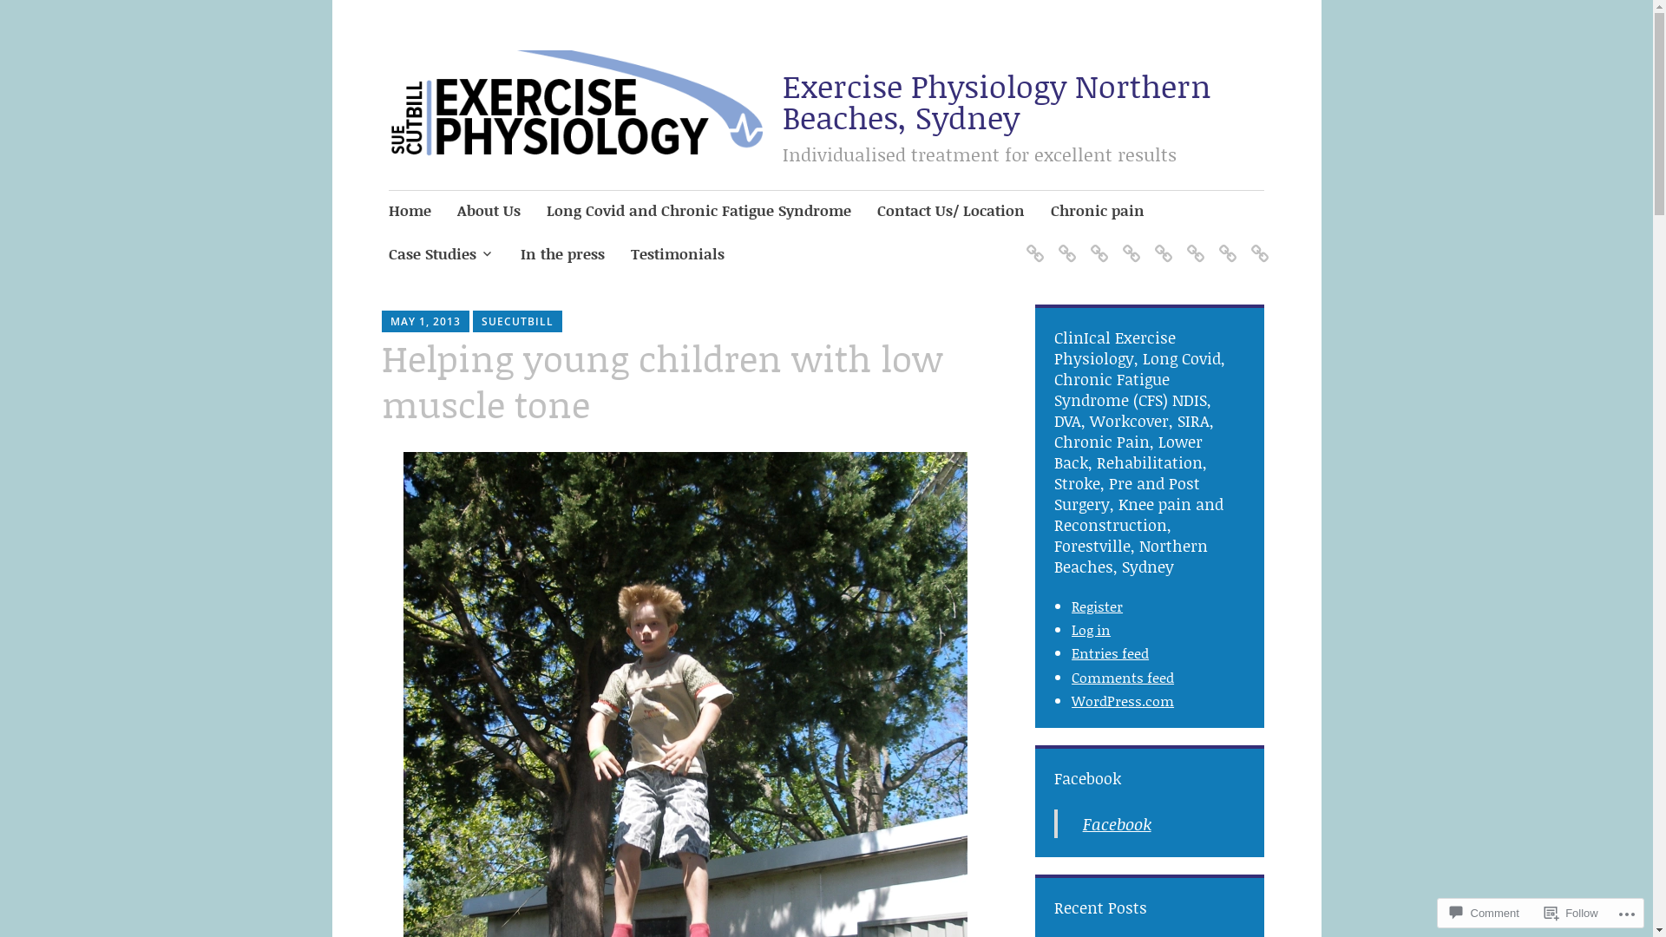  I want to click on 'Long Covid and Chronic Fatigue Syndrome', so click(699, 210).